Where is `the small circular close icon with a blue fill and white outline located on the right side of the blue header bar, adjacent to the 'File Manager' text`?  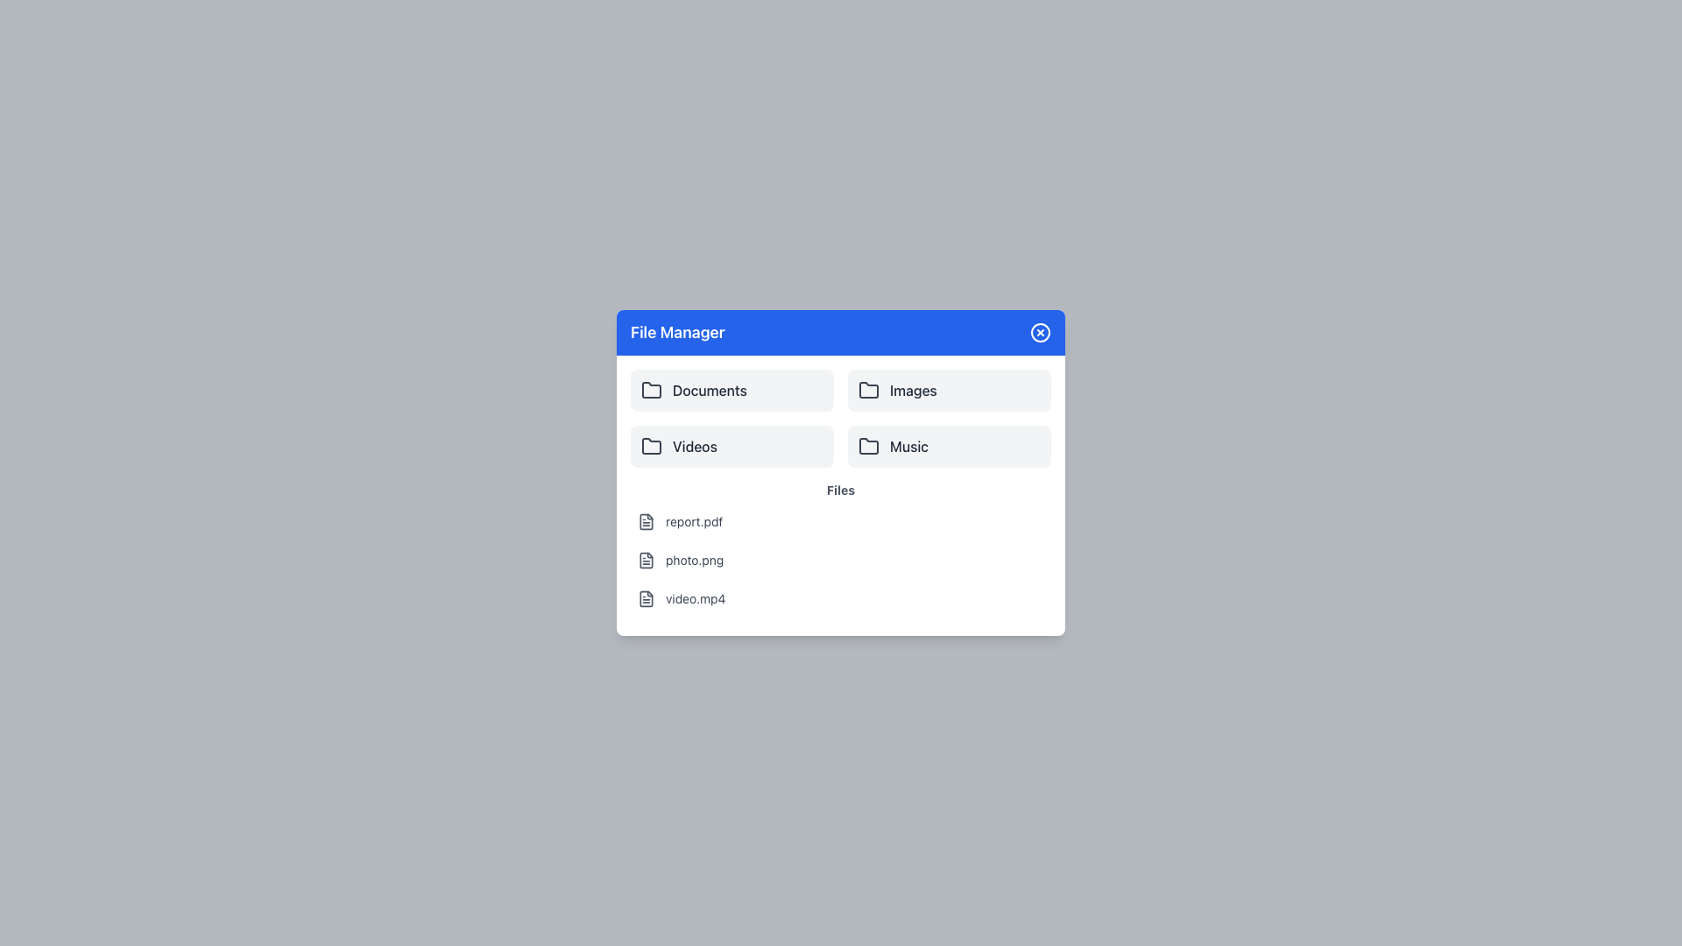 the small circular close icon with a blue fill and white outline located on the right side of the blue header bar, adjacent to the 'File Manager' text is located at coordinates (1041, 333).